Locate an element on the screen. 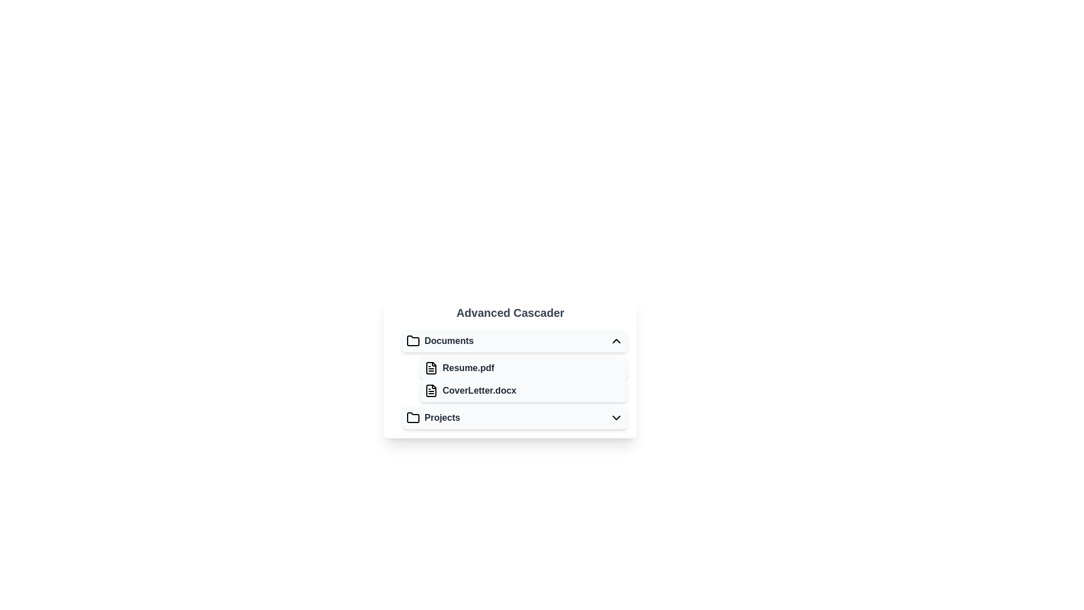 The width and height of the screenshot is (1084, 610). the list item labeled 'Resume.pdf', which is the first item is located at coordinates (519, 368).